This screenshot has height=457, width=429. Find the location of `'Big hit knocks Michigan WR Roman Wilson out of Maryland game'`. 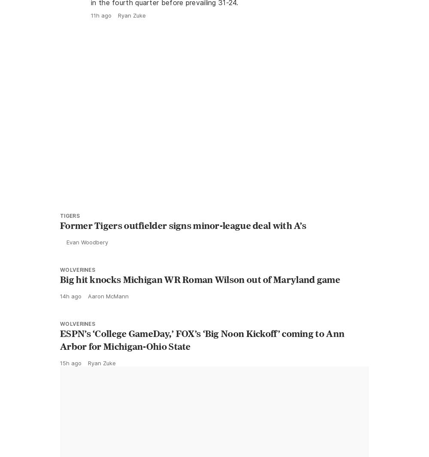

'Big hit knocks Michigan WR Roman Wilson out of Maryland game' is located at coordinates (199, 298).